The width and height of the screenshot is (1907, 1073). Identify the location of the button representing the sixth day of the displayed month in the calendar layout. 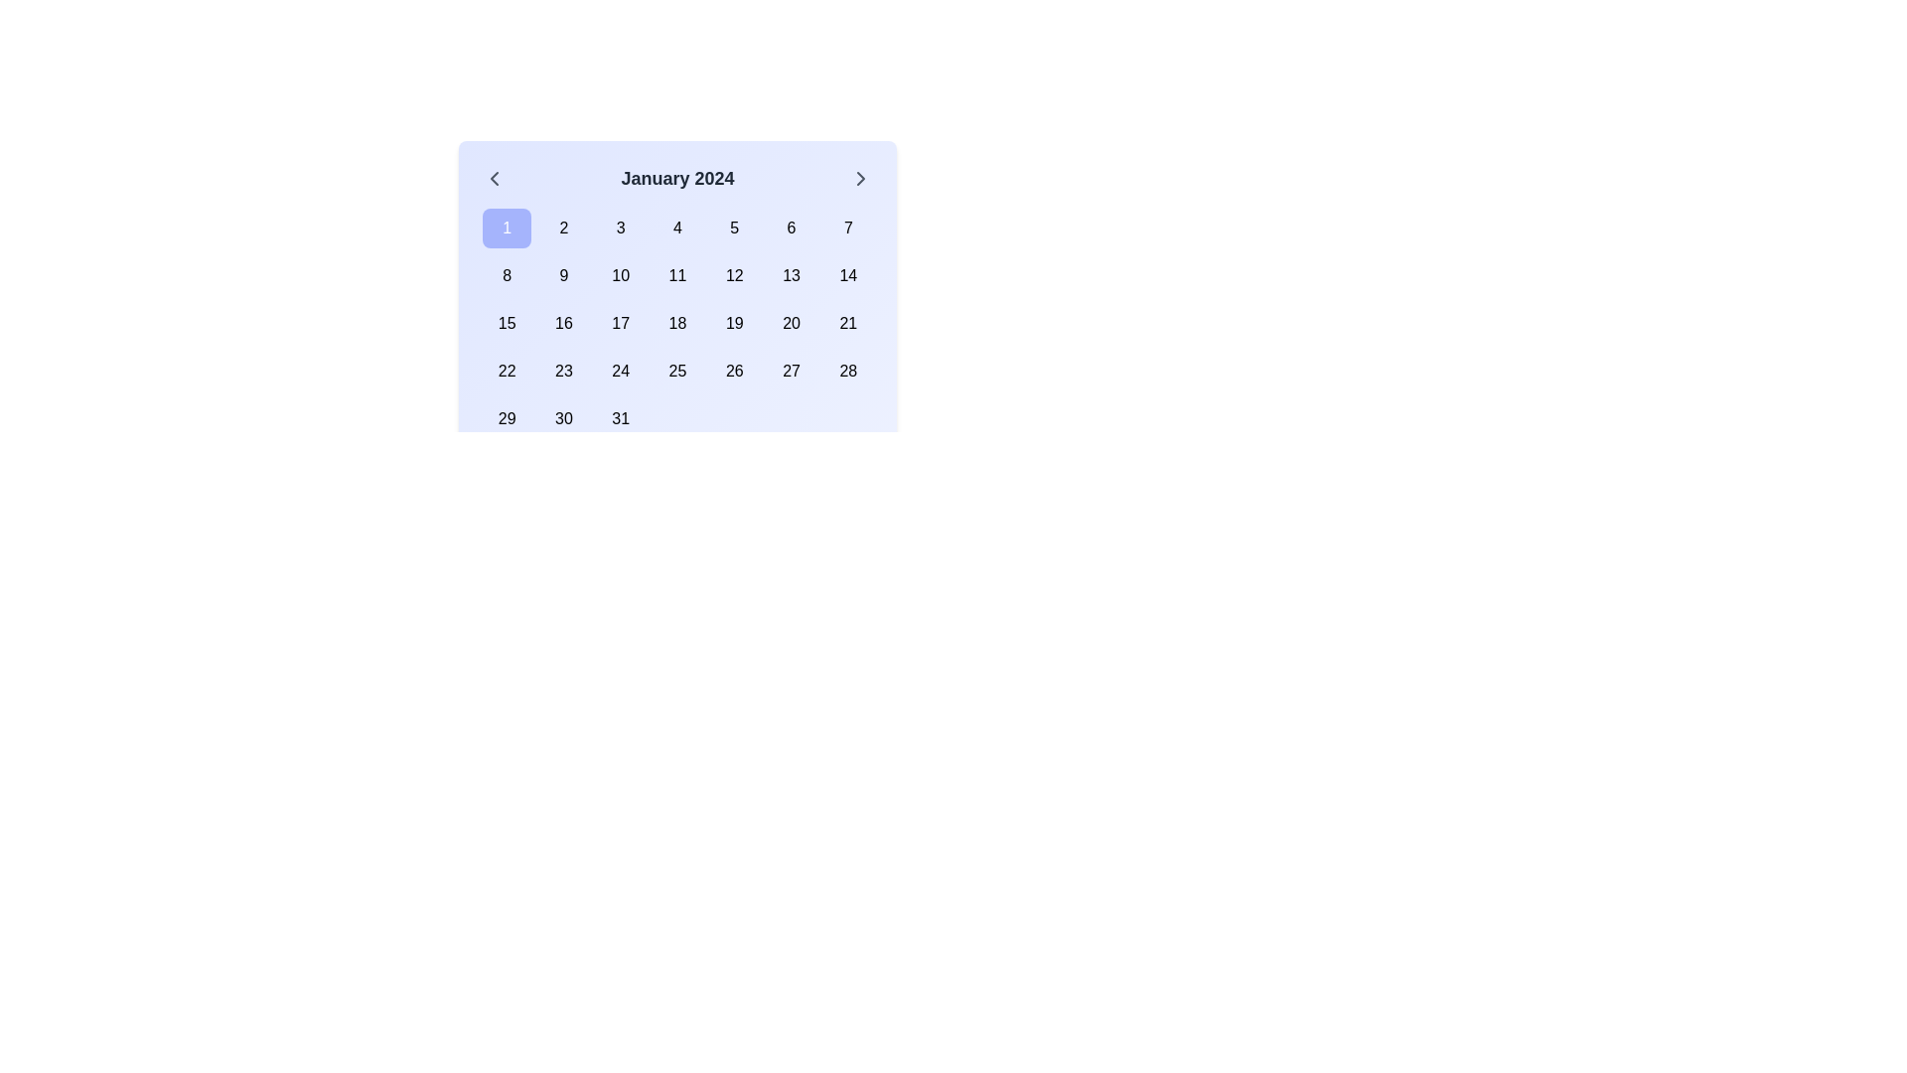
(790, 228).